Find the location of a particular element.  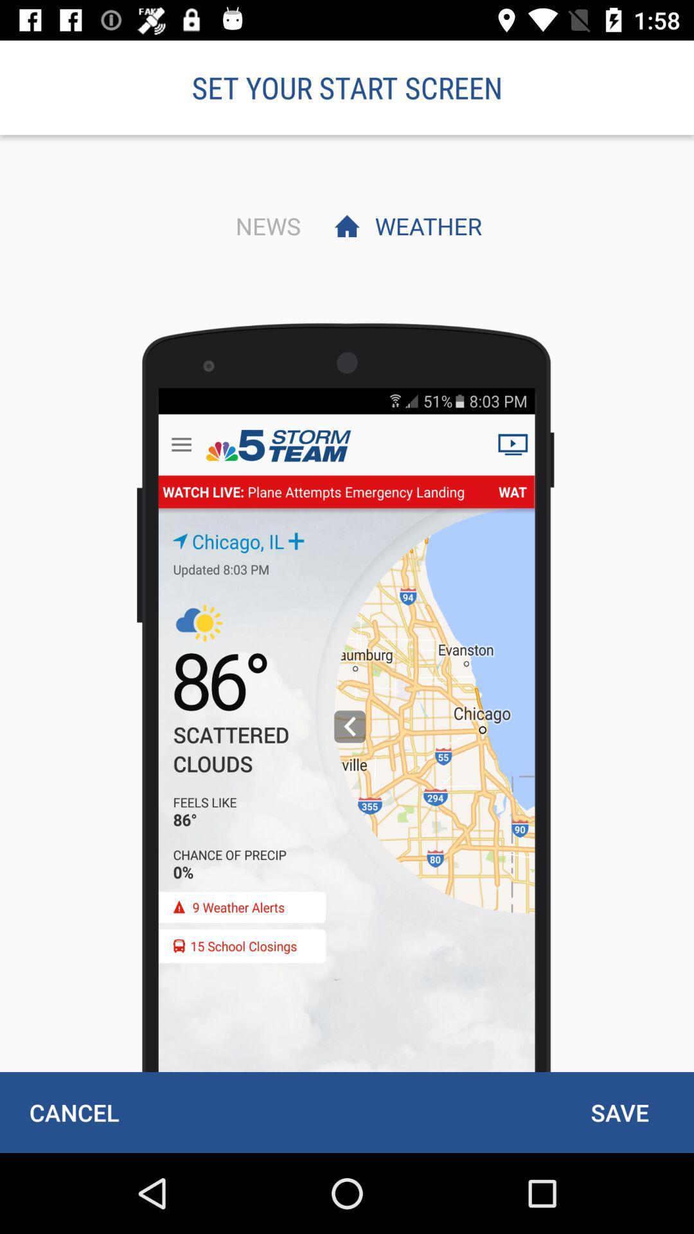

the item below set your start icon is located at coordinates (264, 226).